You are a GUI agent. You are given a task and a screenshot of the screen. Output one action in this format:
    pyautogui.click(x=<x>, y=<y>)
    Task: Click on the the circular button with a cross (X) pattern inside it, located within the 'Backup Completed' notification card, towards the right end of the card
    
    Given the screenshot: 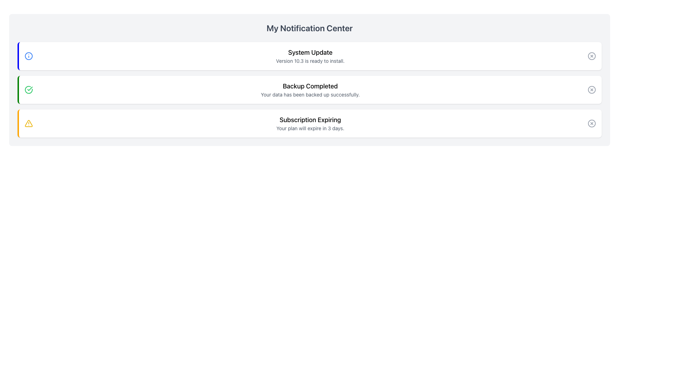 What is the action you would take?
    pyautogui.click(x=591, y=89)
    